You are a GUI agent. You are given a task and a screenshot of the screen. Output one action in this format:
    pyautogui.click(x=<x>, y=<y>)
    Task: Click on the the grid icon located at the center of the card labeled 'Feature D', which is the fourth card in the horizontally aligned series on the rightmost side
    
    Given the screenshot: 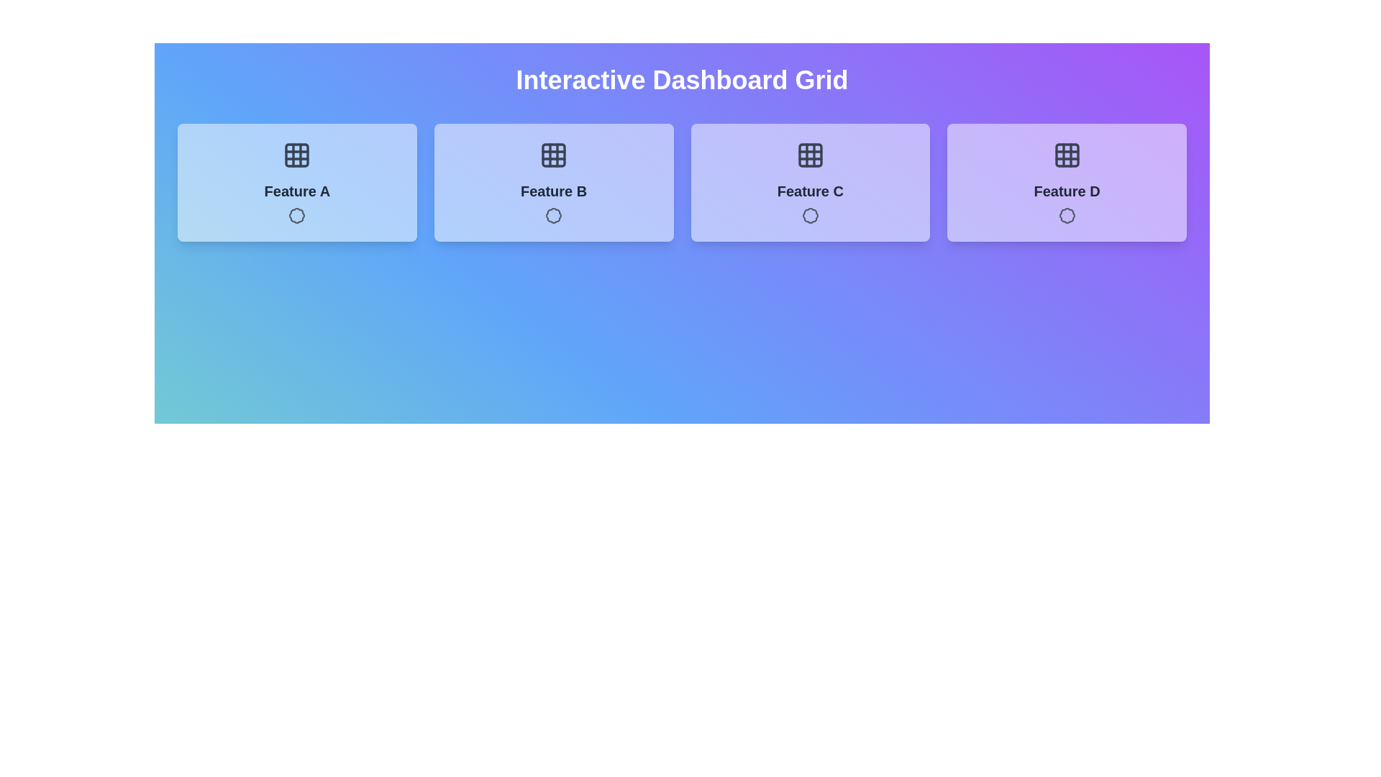 What is the action you would take?
    pyautogui.click(x=1067, y=155)
    